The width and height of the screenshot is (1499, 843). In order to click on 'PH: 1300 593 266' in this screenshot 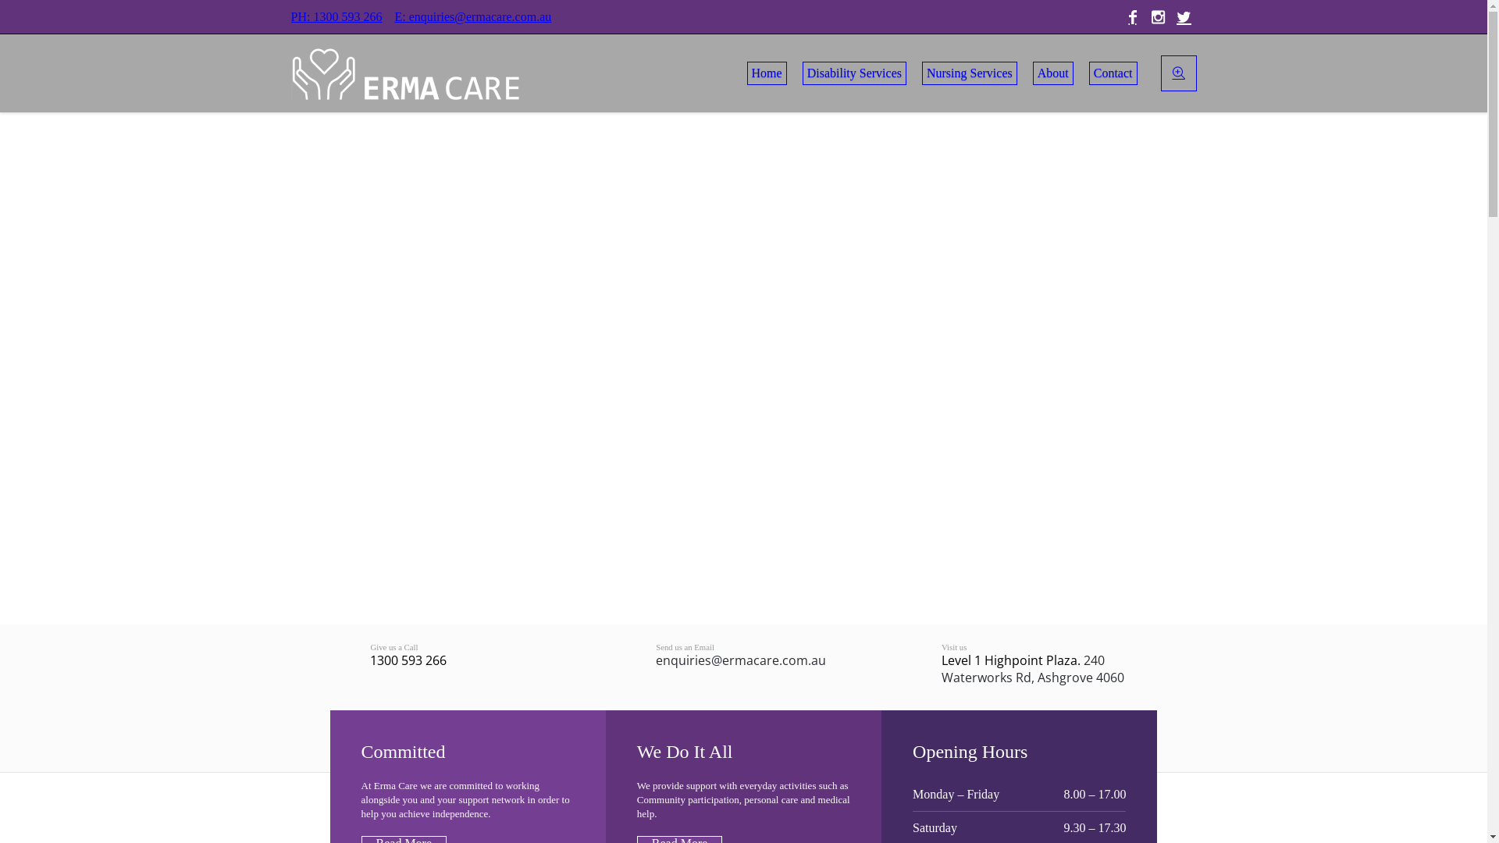, I will do `click(335, 16)`.